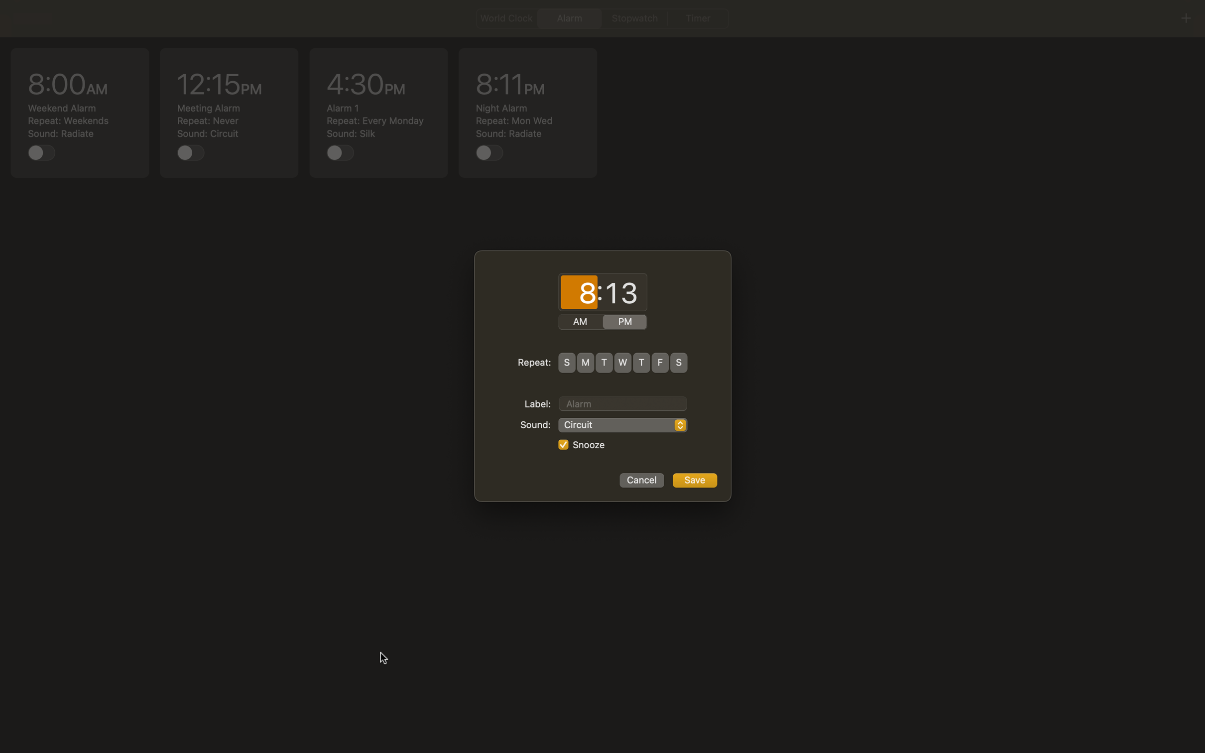  What do you see at coordinates (566, 362) in the screenshot?
I see `alarm to ring on both Sundays and Thursdays` at bounding box center [566, 362].